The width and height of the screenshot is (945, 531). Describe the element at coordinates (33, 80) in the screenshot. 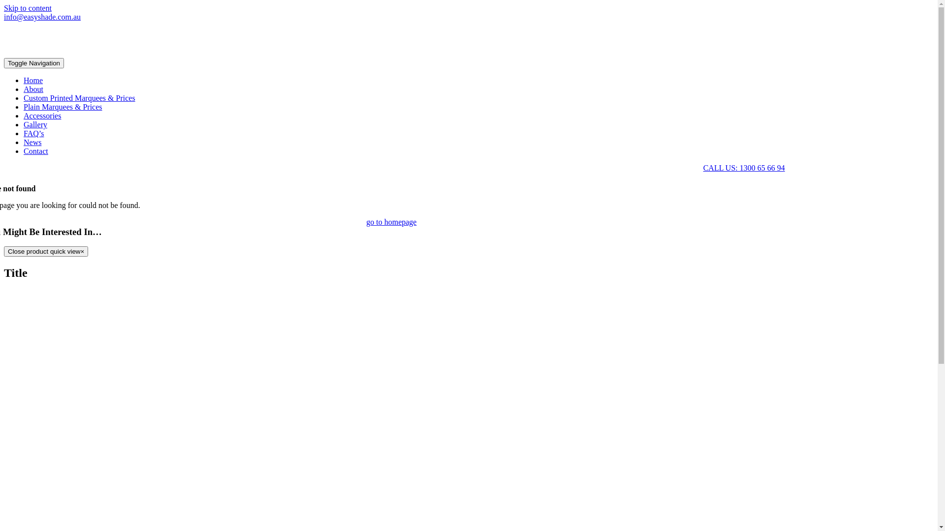

I see `'Home'` at that location.